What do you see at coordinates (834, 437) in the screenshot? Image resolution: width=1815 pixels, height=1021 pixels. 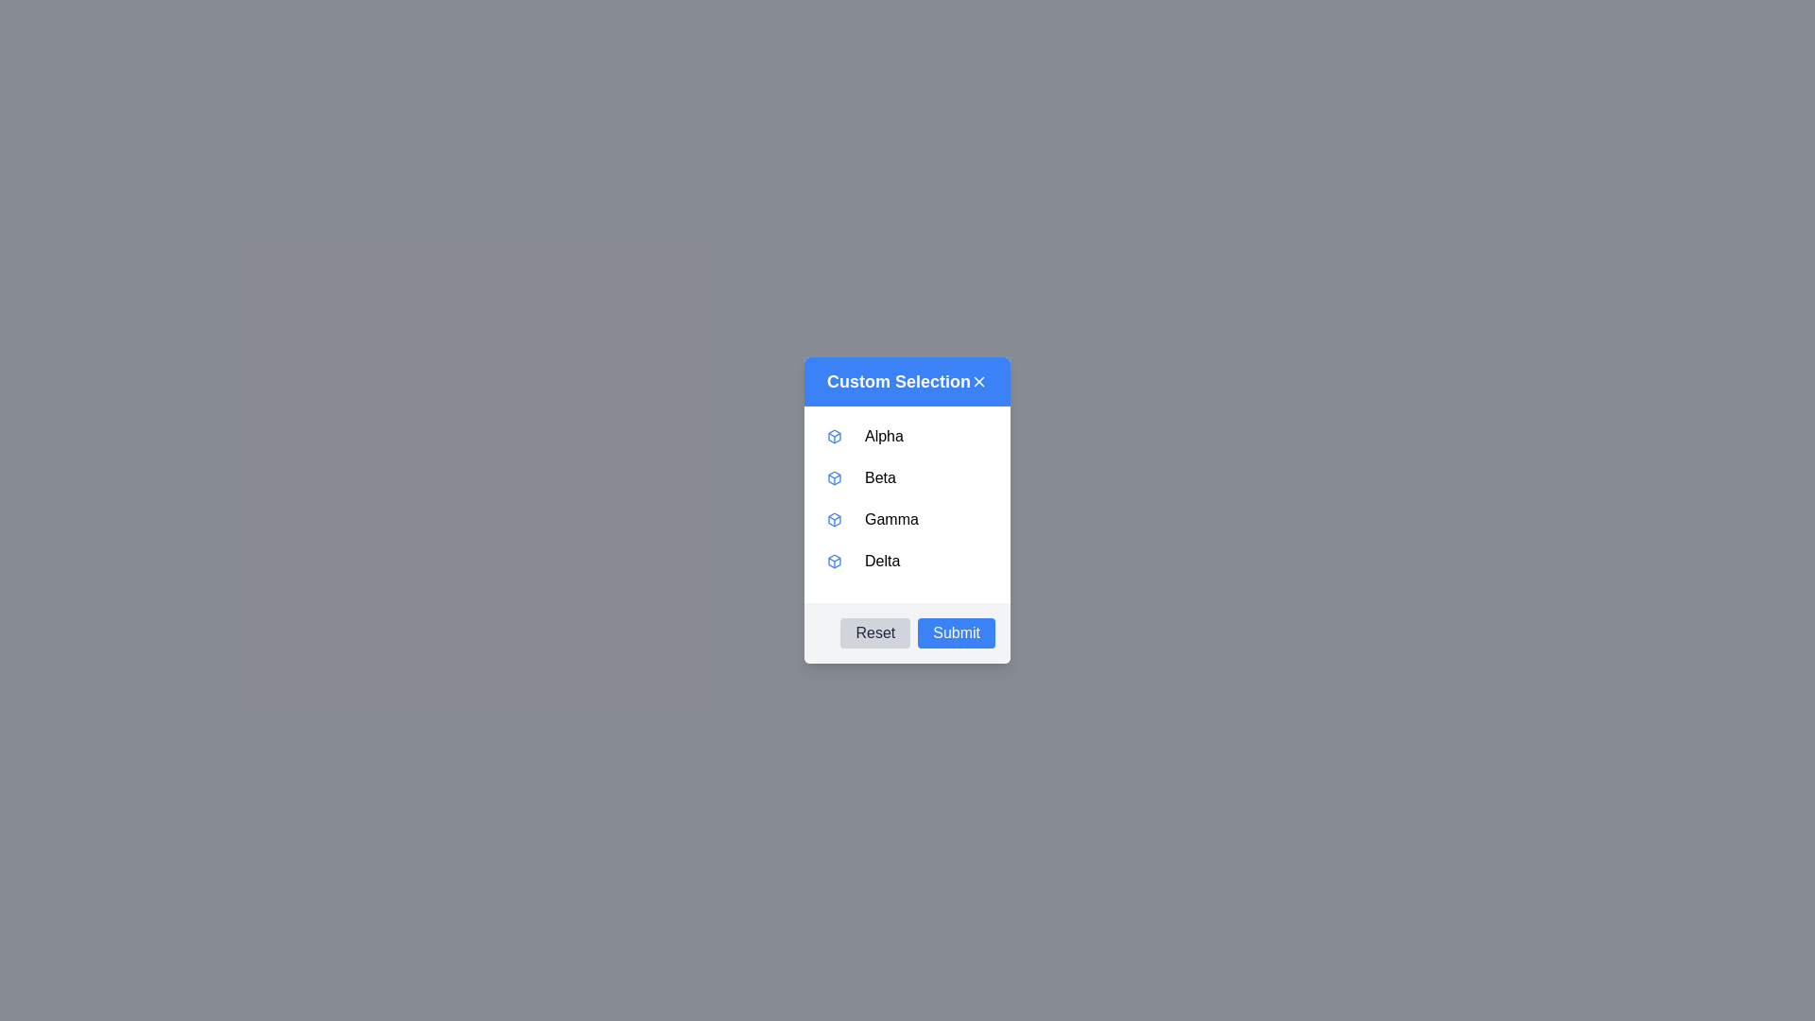 I see `the 'Alpha' item icon in the 'Custom Selection' dialog, positioned to the right of the text label 'Alpha'` at bounding box center [834, 437].